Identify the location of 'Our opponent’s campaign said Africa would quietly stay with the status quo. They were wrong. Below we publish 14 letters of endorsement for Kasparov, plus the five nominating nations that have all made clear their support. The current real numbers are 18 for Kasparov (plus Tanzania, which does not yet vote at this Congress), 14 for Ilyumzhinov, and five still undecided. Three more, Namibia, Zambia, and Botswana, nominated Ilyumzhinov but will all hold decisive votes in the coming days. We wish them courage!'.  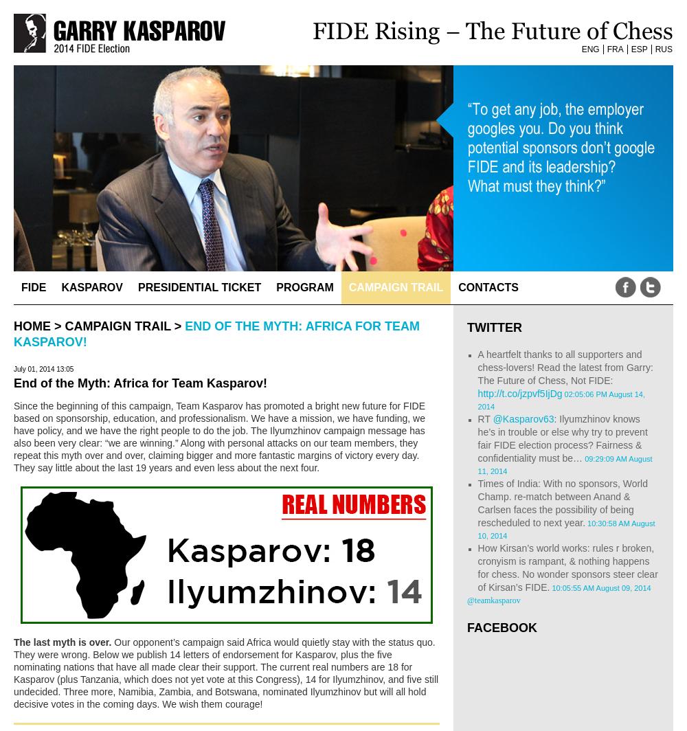
(225, 673).